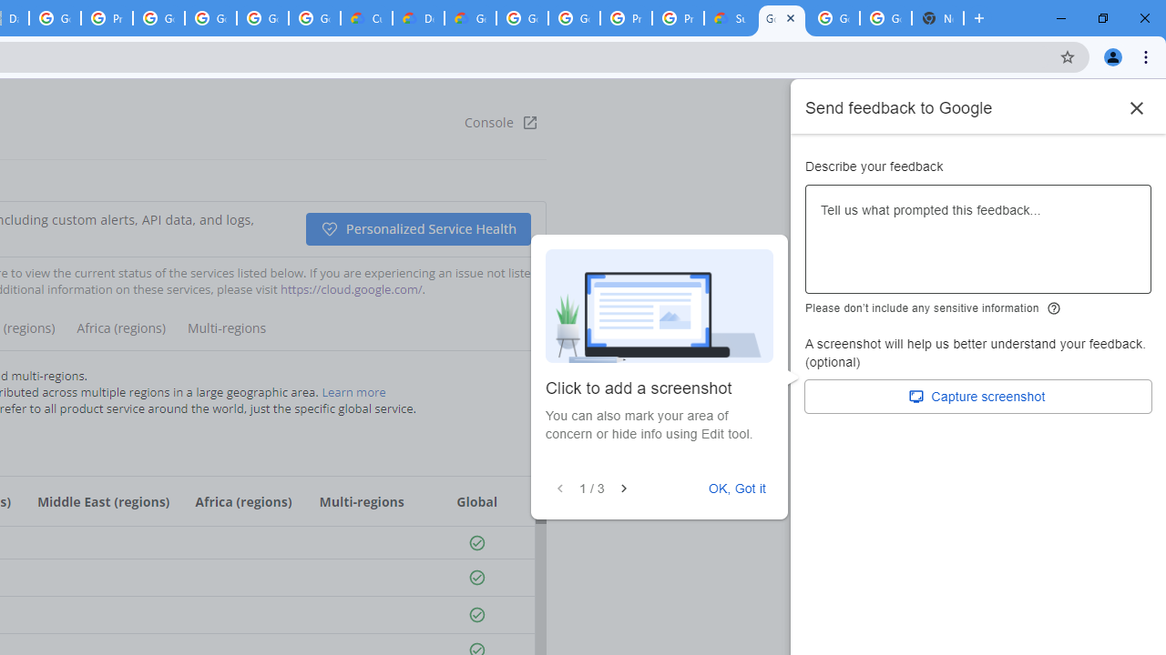 Image resolution: width=1166 pixels, height=655 pixels. I want to click on 'Describe your feedback', so click(977, 247).